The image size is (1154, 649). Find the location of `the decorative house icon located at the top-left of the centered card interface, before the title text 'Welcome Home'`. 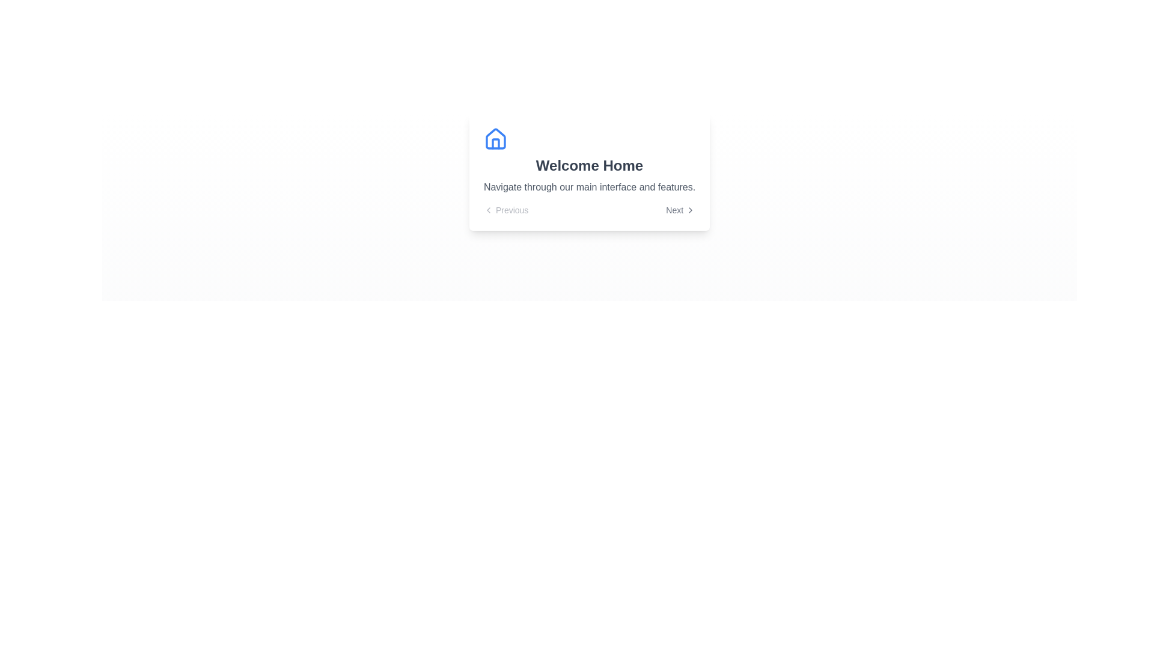

the decorative house icon located at the top-left of the centered card interface, before the title text 'Welcome Home' is located at coordinates (495, 138).